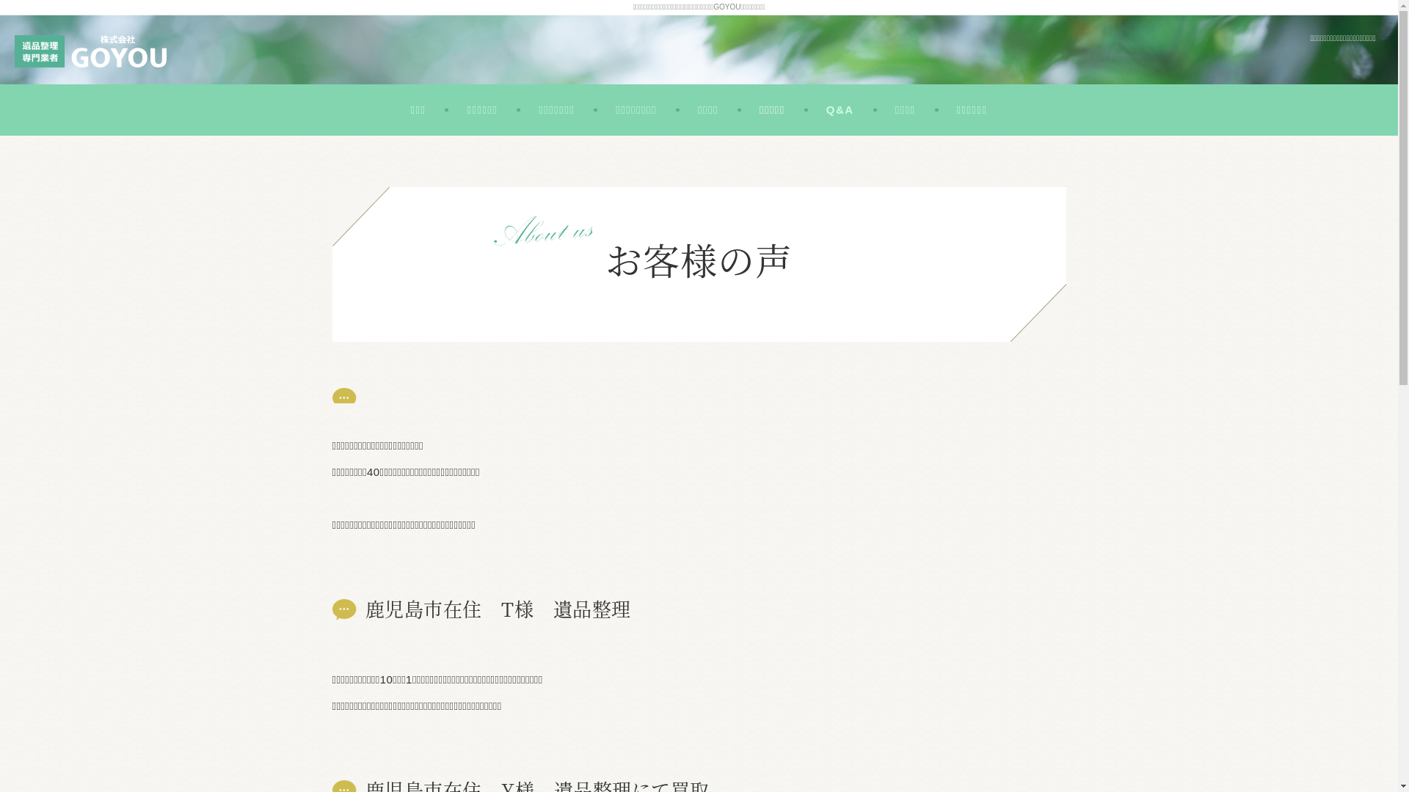 This screenshot has width=1409, height=792. I want to click on 'Q&A', so click(840, 109).